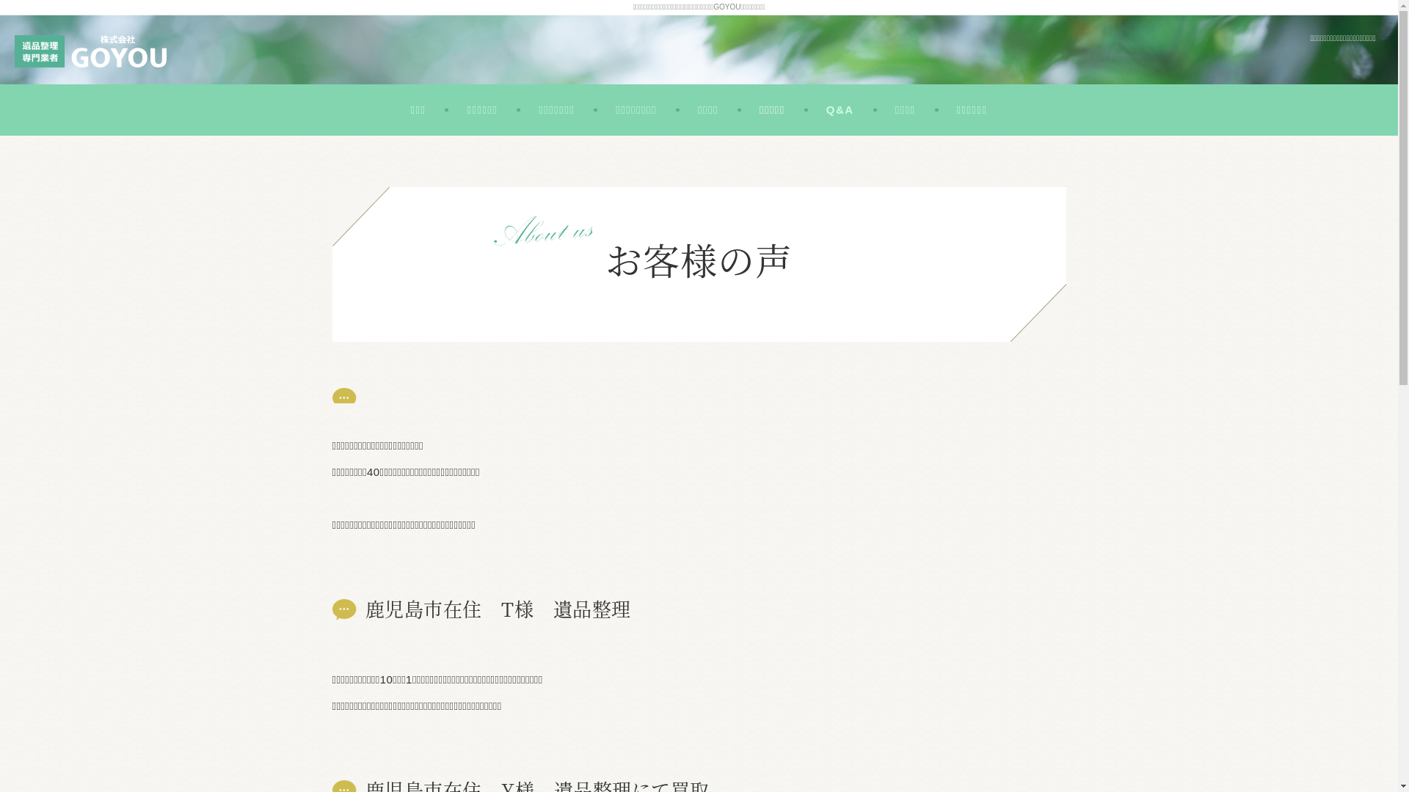 This screenshot has width=1409, height=792. I want to click on 'Q&A', so click(840, 109).